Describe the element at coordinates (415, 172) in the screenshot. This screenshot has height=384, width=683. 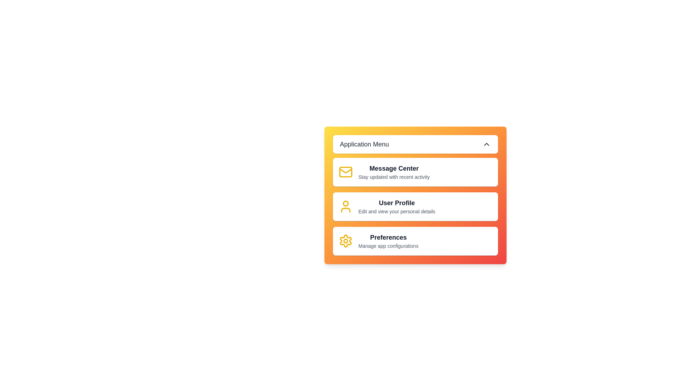
I see `the menu item Message Center to interact with its functionality` at that location.